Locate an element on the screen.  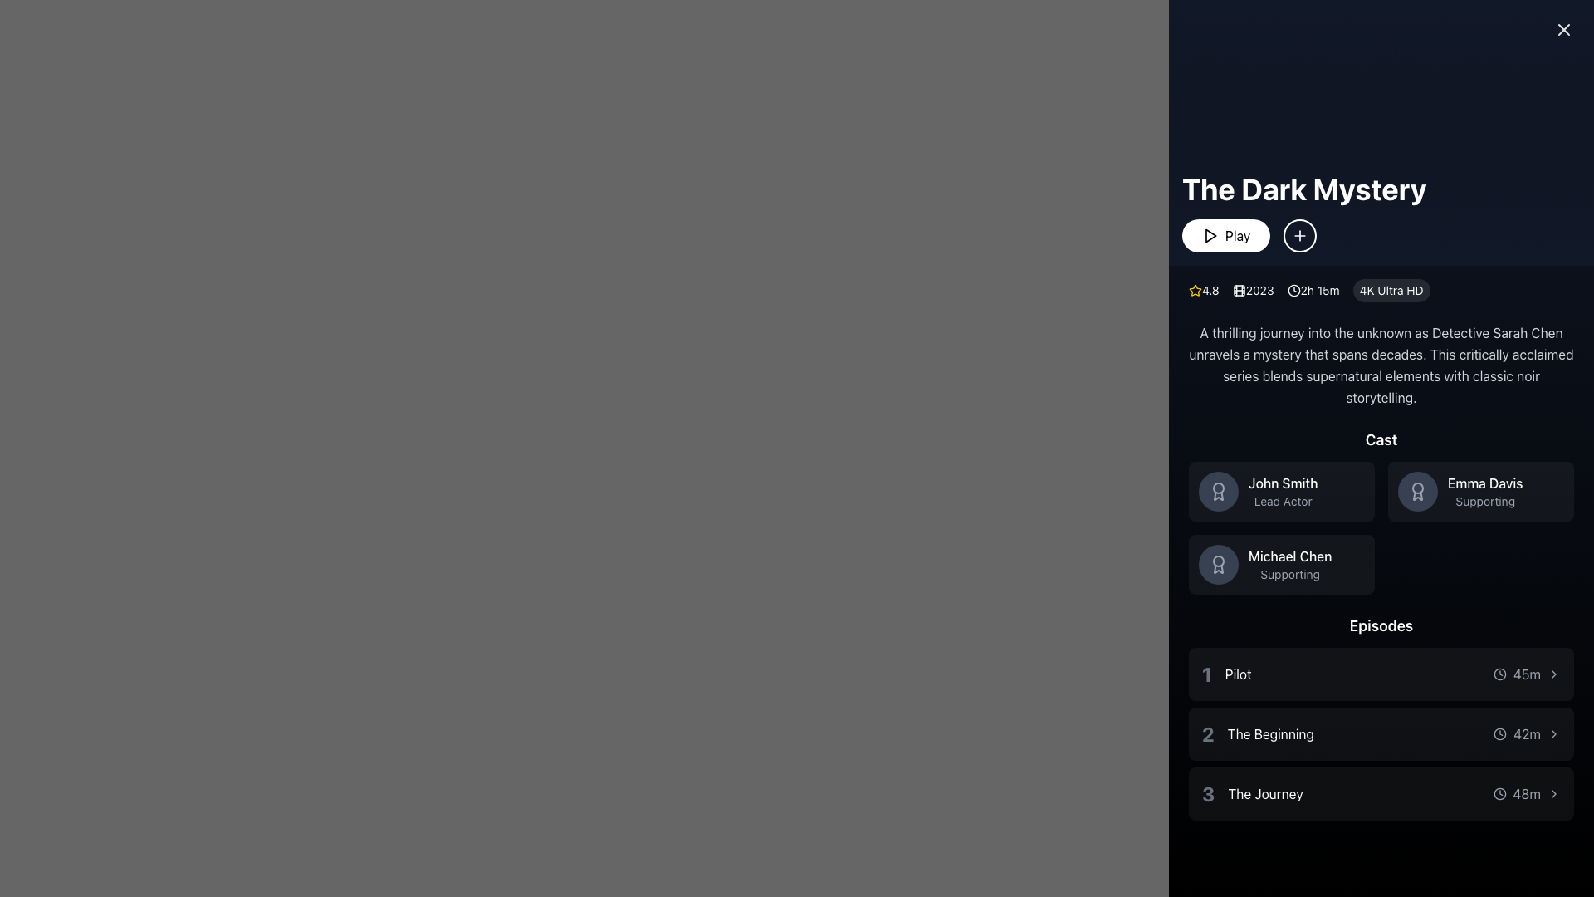
the 'Play' button, which contains a triangular play icon and the text 'Play', to initiate playback for 'The Dark Mystery' is located at coordinates (1210, 236).